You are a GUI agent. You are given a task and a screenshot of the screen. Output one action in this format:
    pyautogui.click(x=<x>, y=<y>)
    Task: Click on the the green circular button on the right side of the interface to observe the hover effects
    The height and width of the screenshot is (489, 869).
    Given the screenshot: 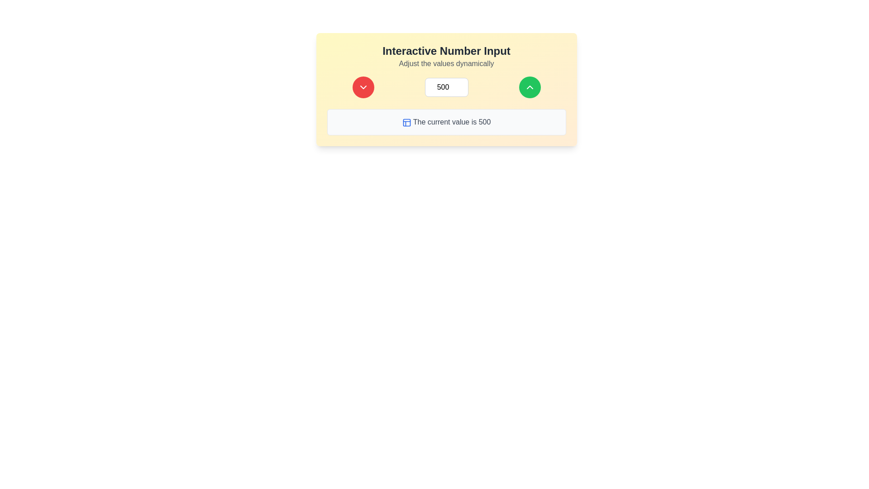 What is the action you would take?
    pyautogui.click(x=530, y=87)
    